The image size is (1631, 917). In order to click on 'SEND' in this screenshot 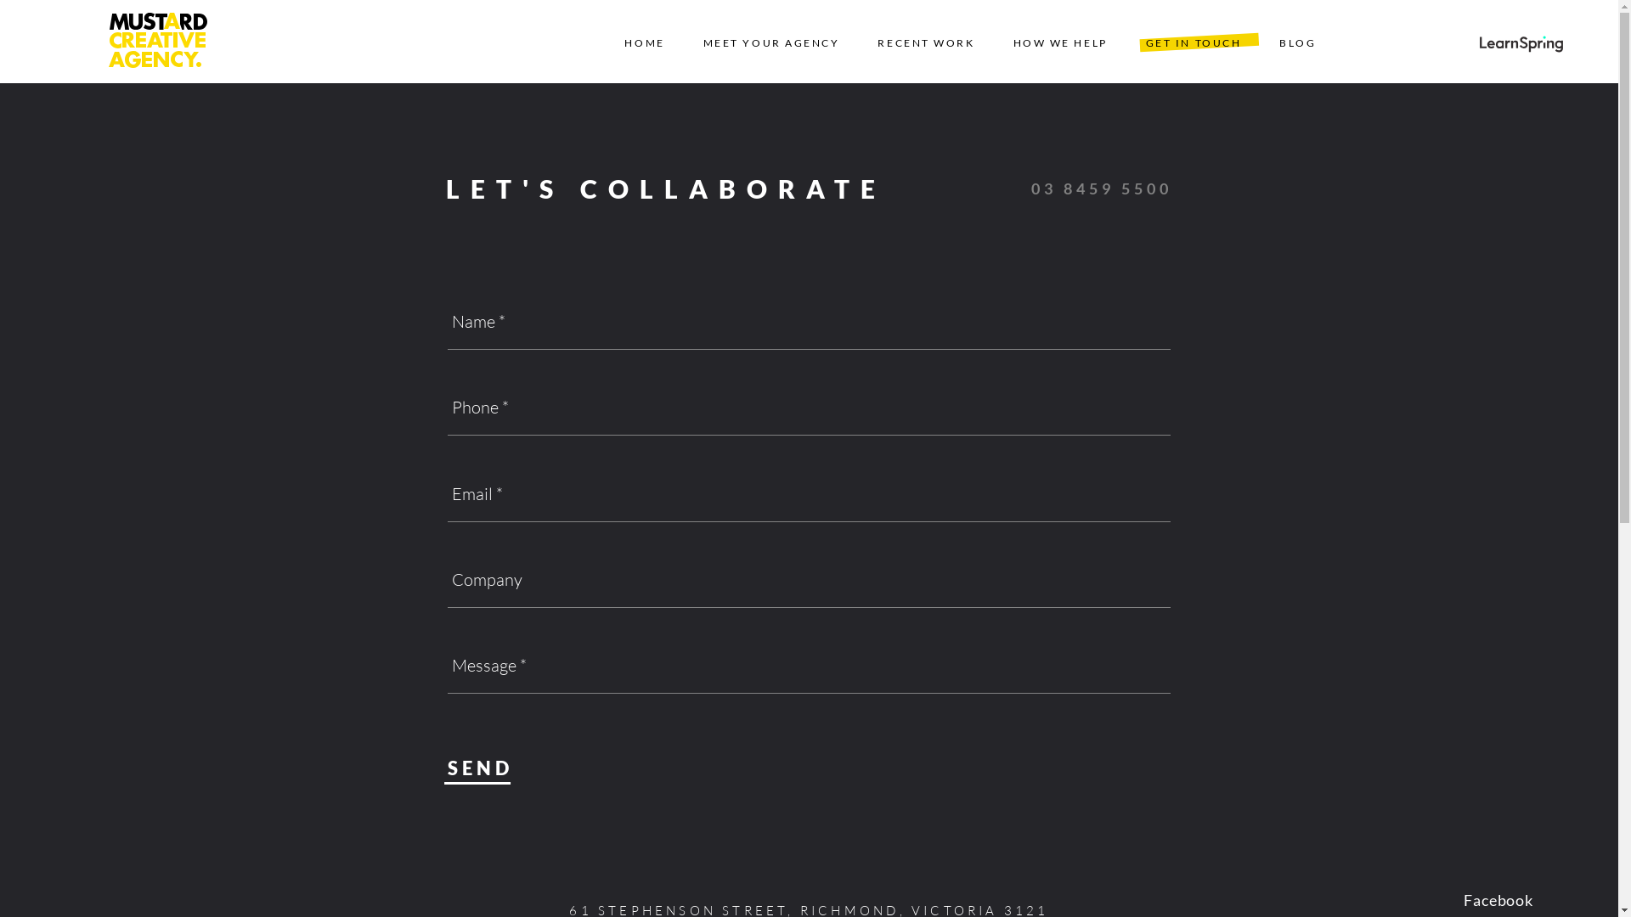, I will do `click(448, 768)`.